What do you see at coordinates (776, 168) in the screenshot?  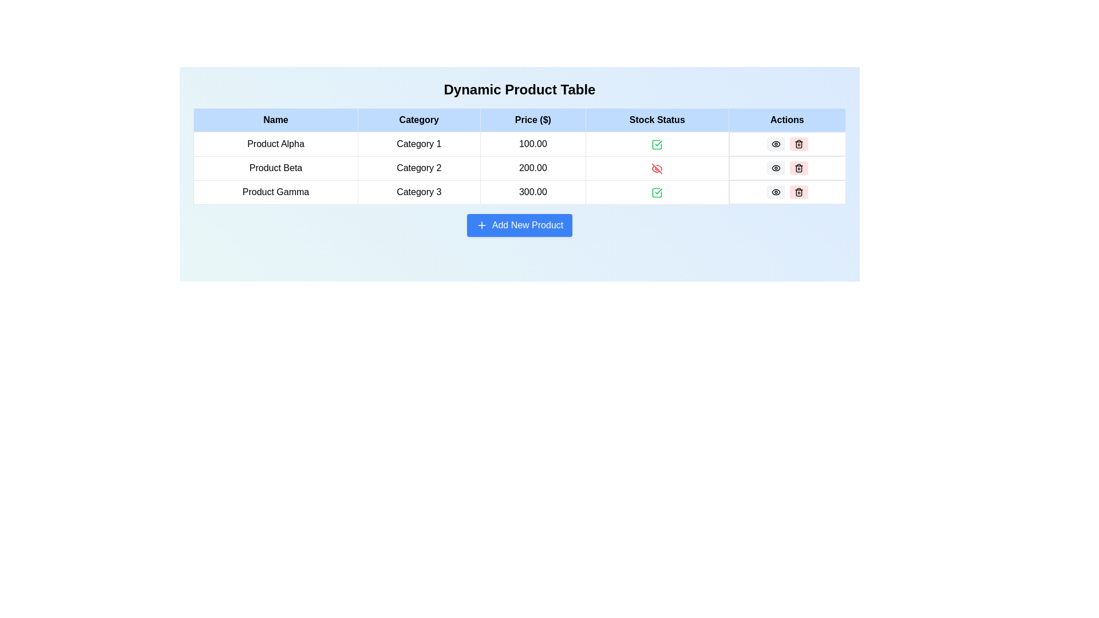 I see `the 'View Details' button for 'Product Beta' located in the Actions column of the product table` at bounding box center [776, 168].